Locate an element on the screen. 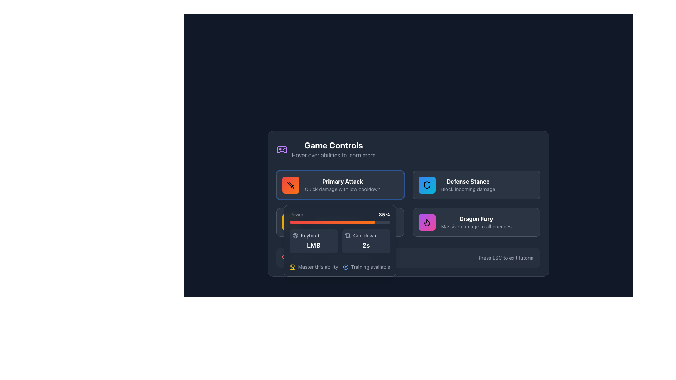 The width and height of the screenshot is (676, 380). the Information Panel that provides details about game abilities, keybinds, cooldowns, and gameplay instructions is located at coordinates (408, 203).